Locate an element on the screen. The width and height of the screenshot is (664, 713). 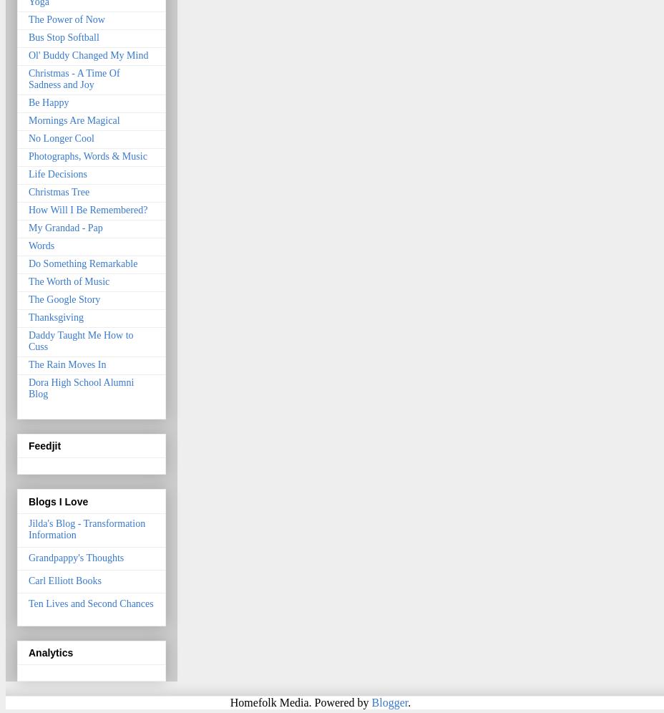
'.' is located at coordinates (409, 701).